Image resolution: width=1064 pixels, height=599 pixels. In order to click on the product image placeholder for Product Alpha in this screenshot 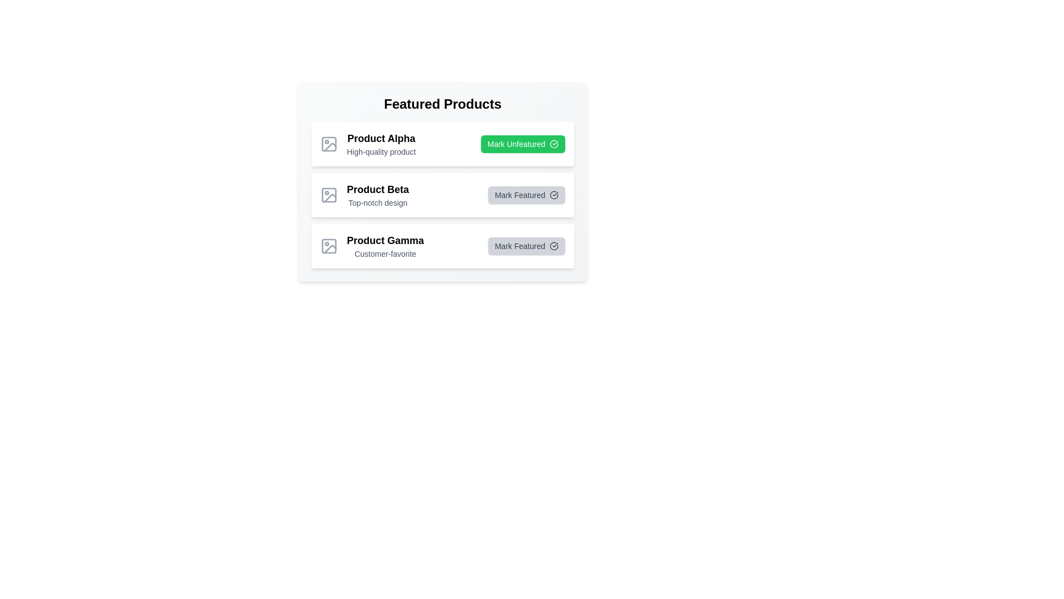, I will do `click(329, 143)`.